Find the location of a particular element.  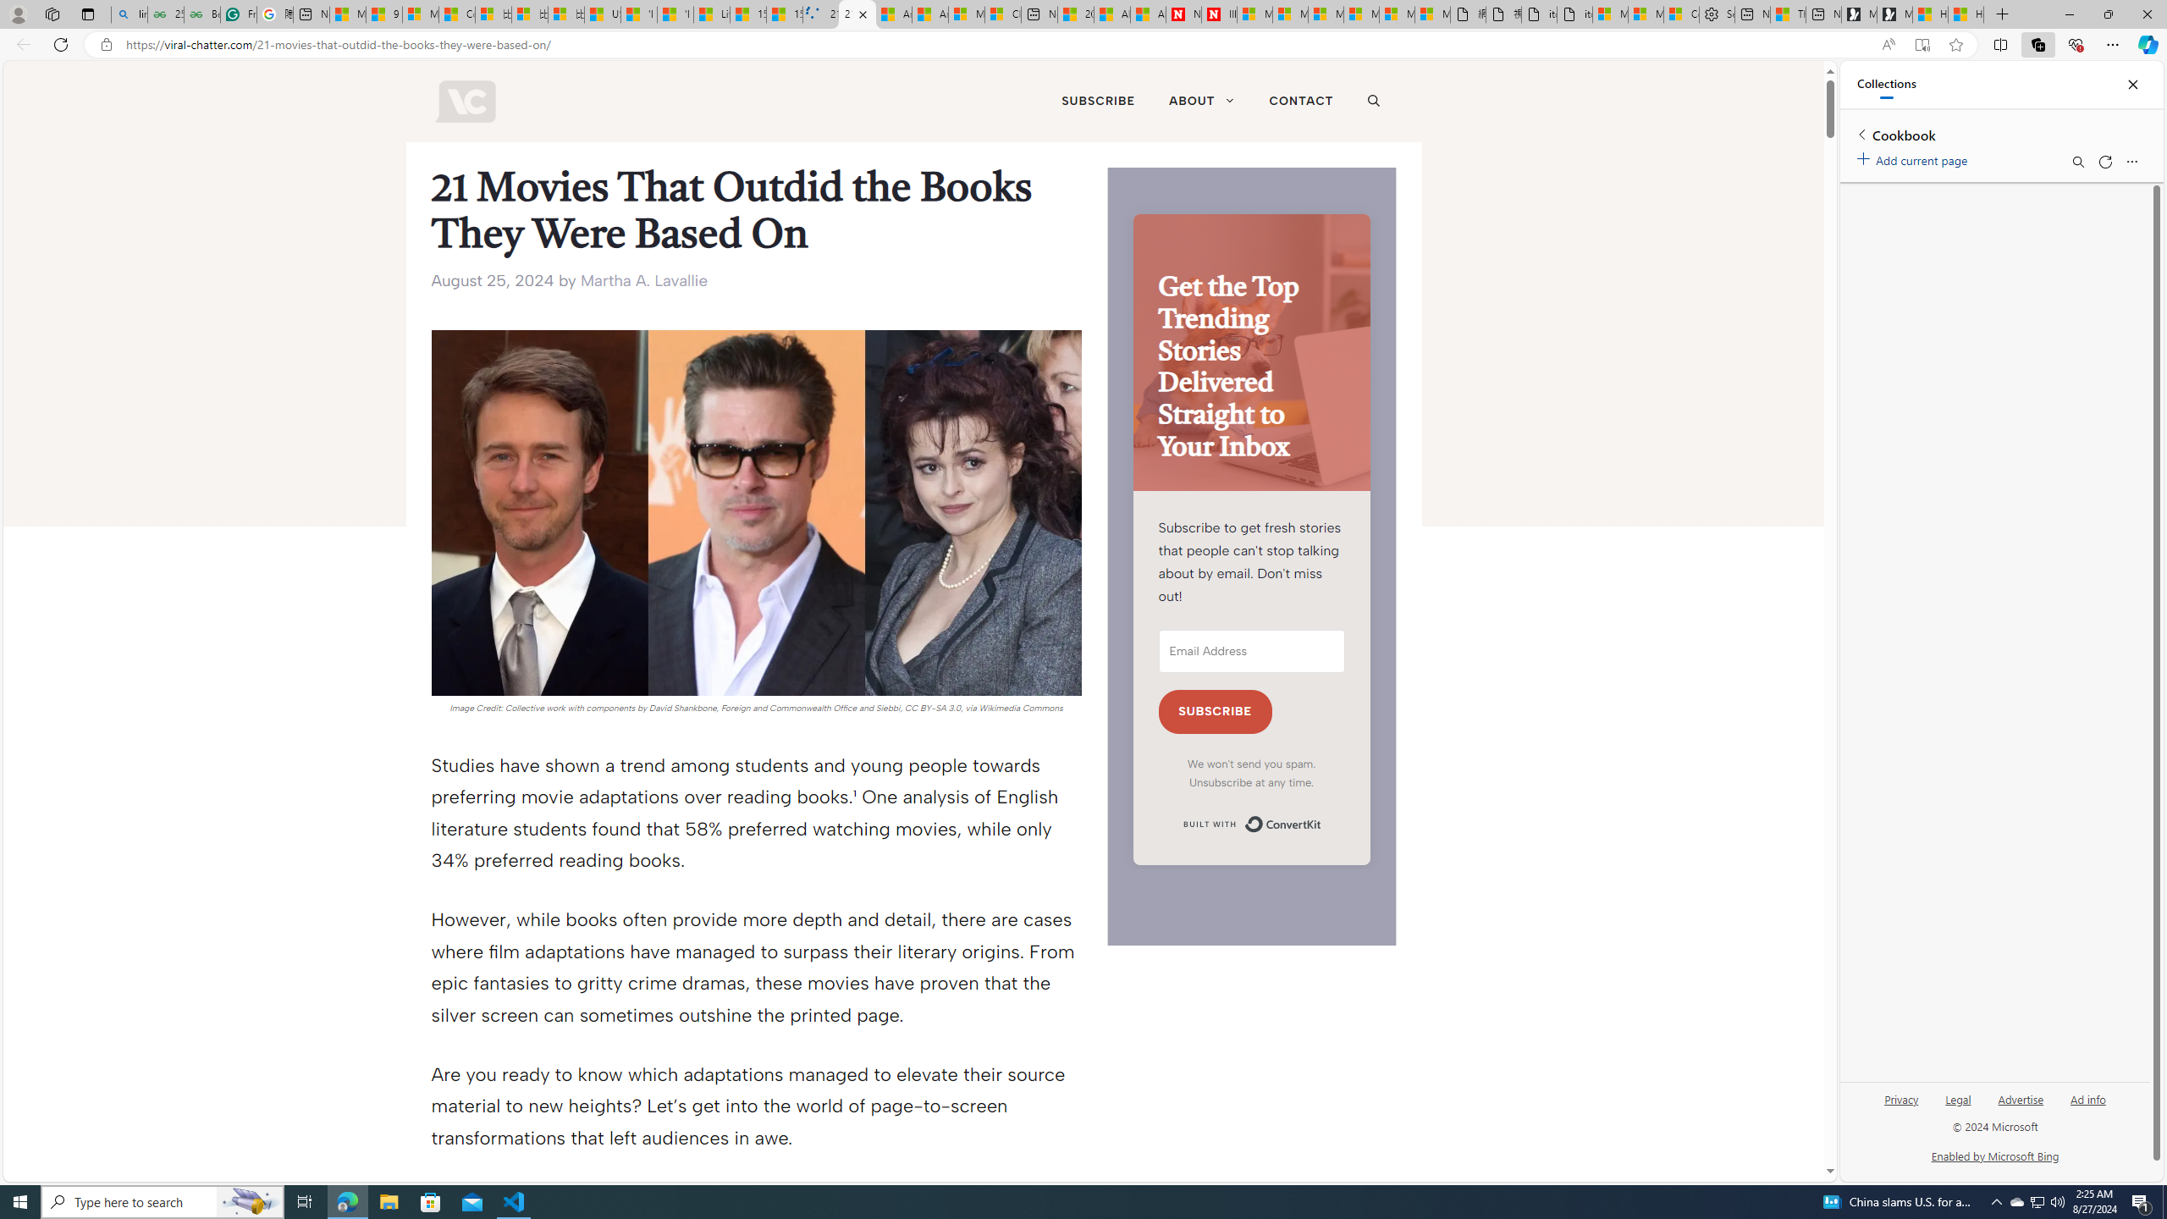

'SUBSCRIBE' is located at coordinates (1215, 711).